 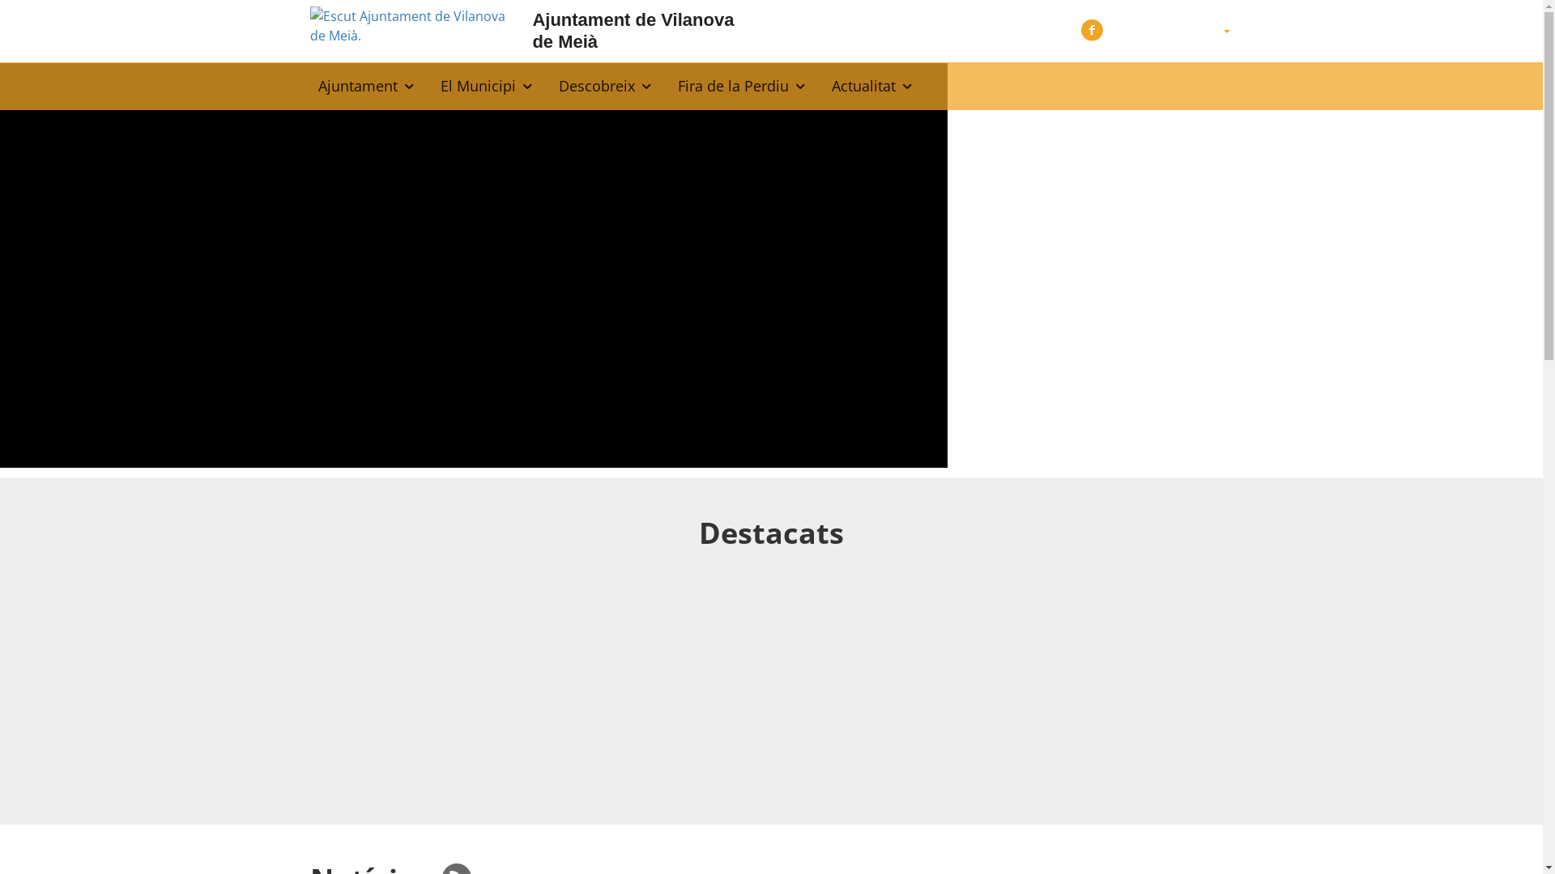 What do you see at coordinates (605, 86) in the screenshot?
I see `'Descobreix'` at bounding box center [605, 86].